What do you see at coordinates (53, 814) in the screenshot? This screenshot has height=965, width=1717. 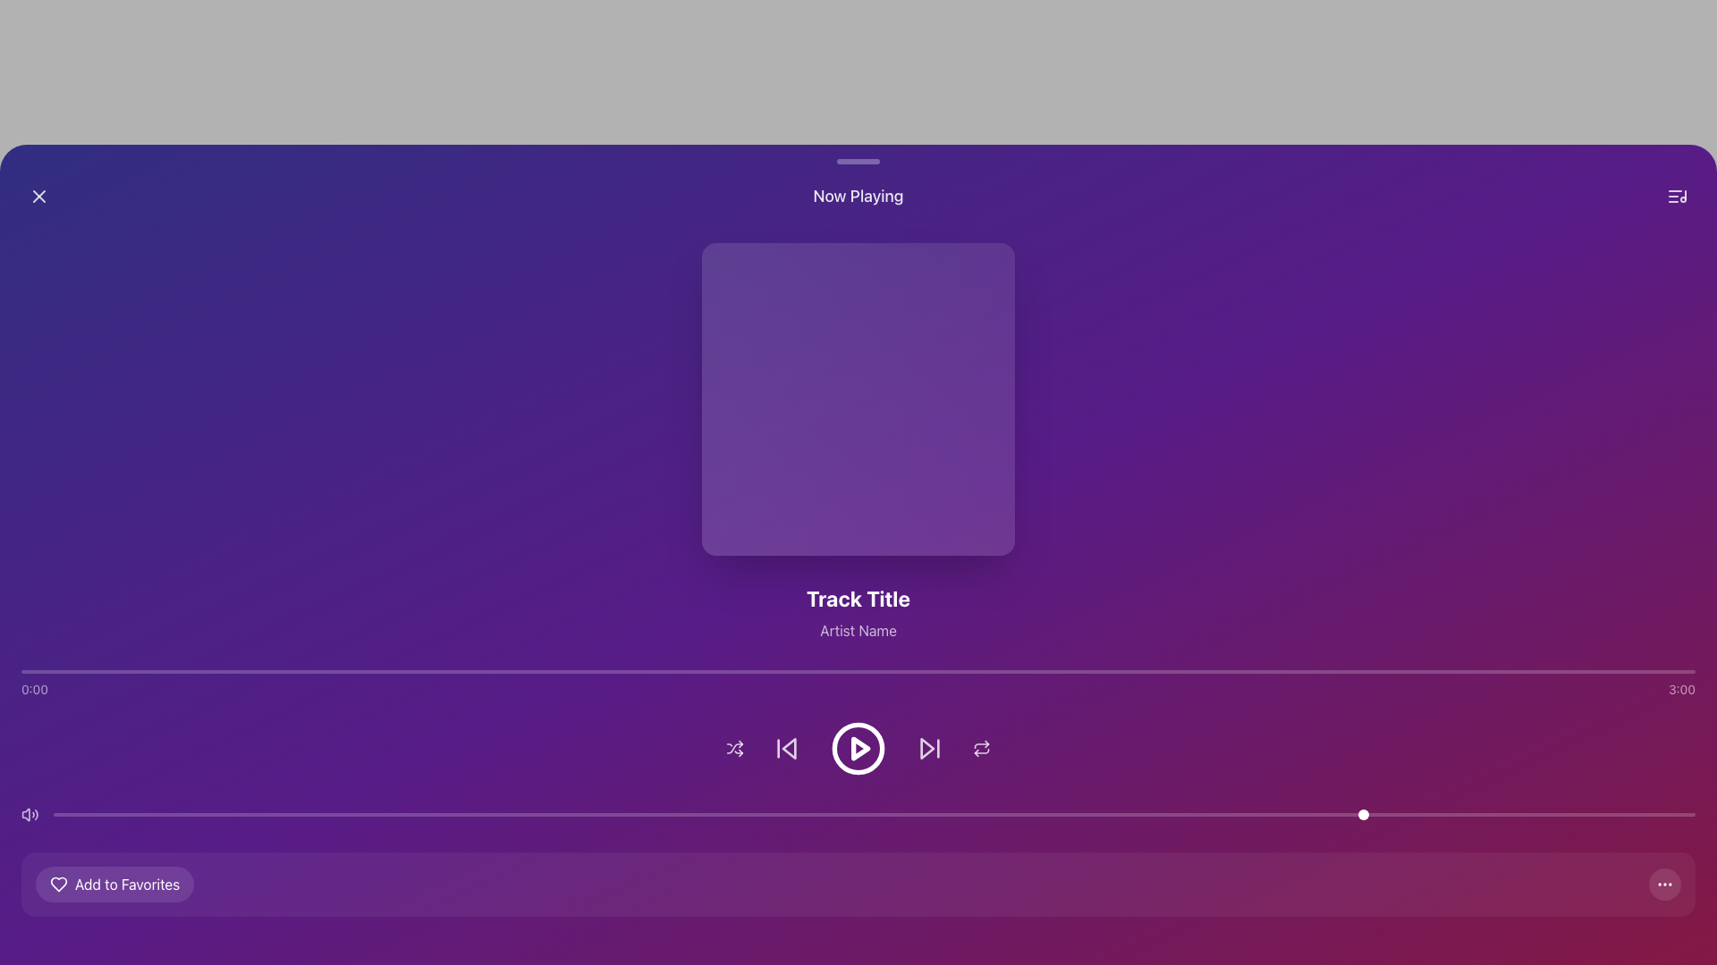 I see `the slider value` at bounding box center [53, 814].